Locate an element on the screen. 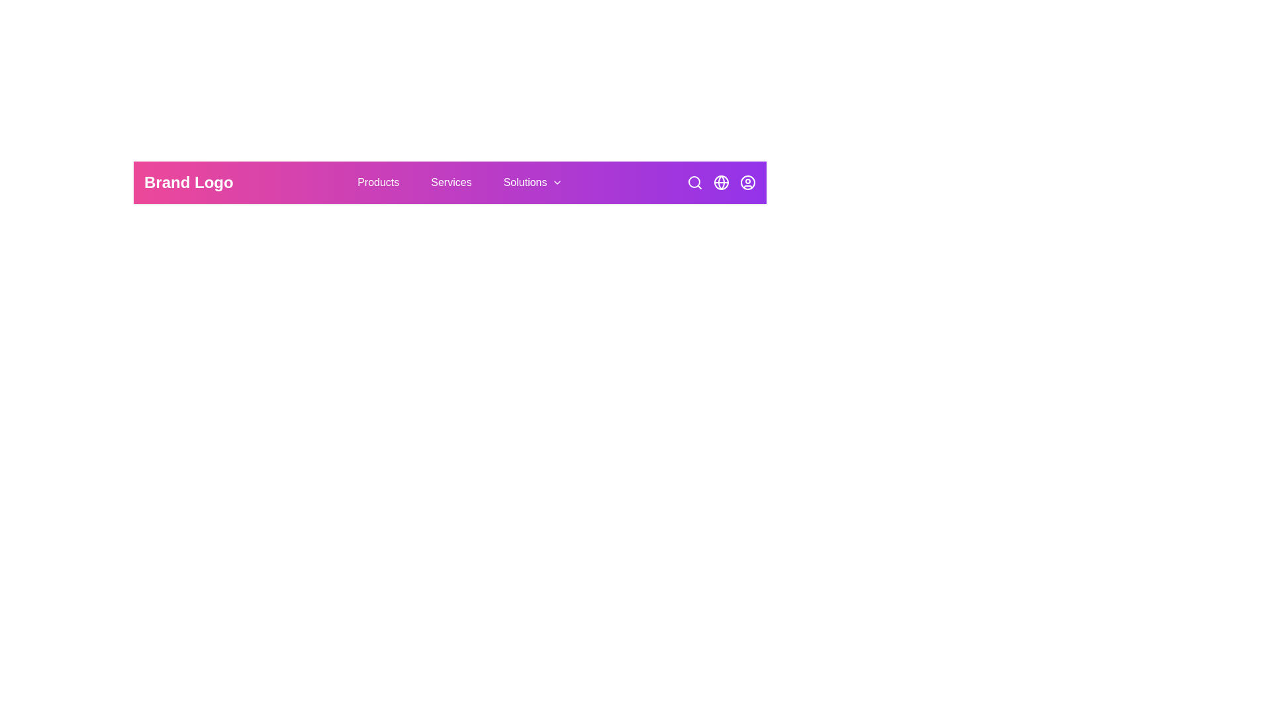 This screenshot has width=1271, height=715. the navigation button labeled Services is located at coordinates (451, 183).